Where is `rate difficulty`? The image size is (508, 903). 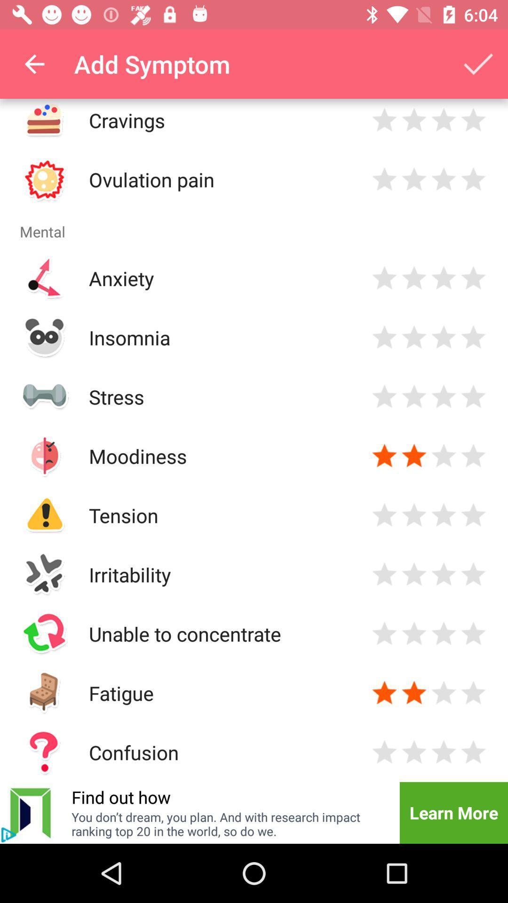
rate difficulty is located at coordinates (473, 634).